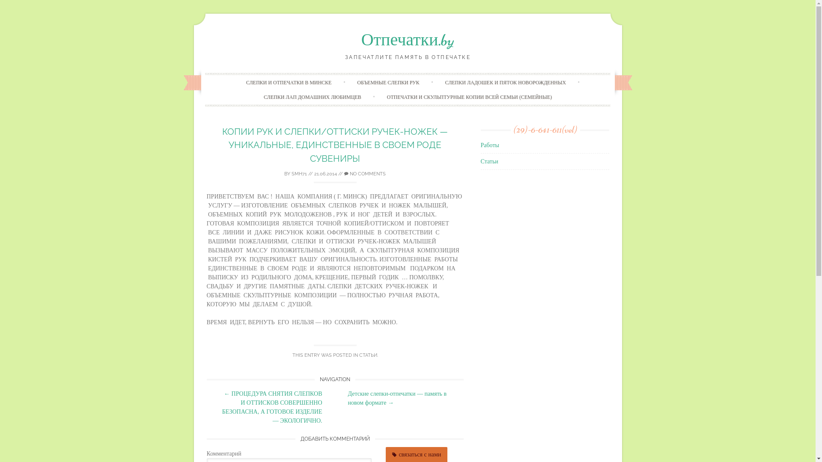 The height and width of the screenshot is (462, 822). What do you see at coordinates (365, 173) in the screenshot?
I see `'NO COMMENTS'` at bounding box center [365, 173].